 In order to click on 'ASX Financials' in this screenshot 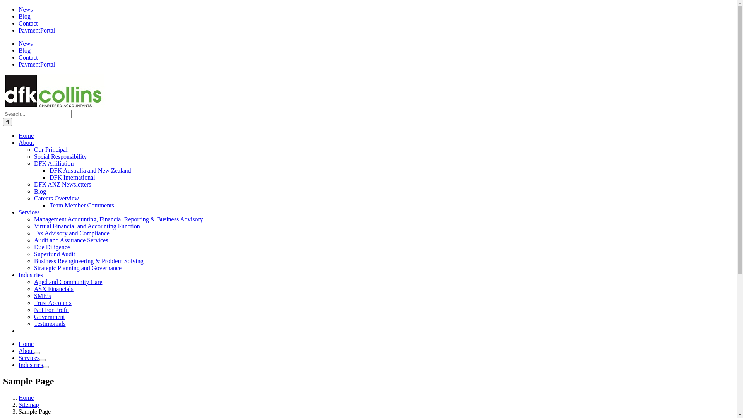, I will do `click(53, 289)`.